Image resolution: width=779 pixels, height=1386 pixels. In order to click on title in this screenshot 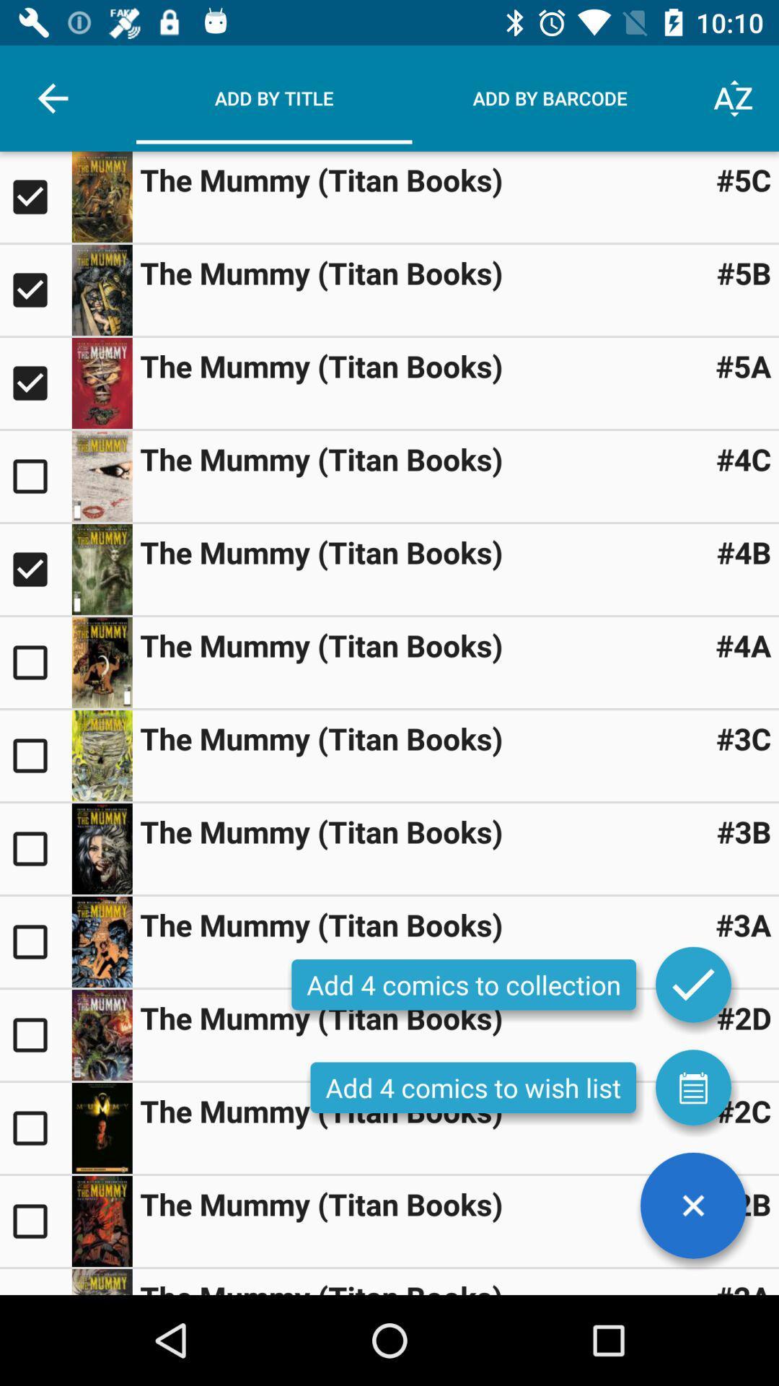, I will do `click(35, 942)`.